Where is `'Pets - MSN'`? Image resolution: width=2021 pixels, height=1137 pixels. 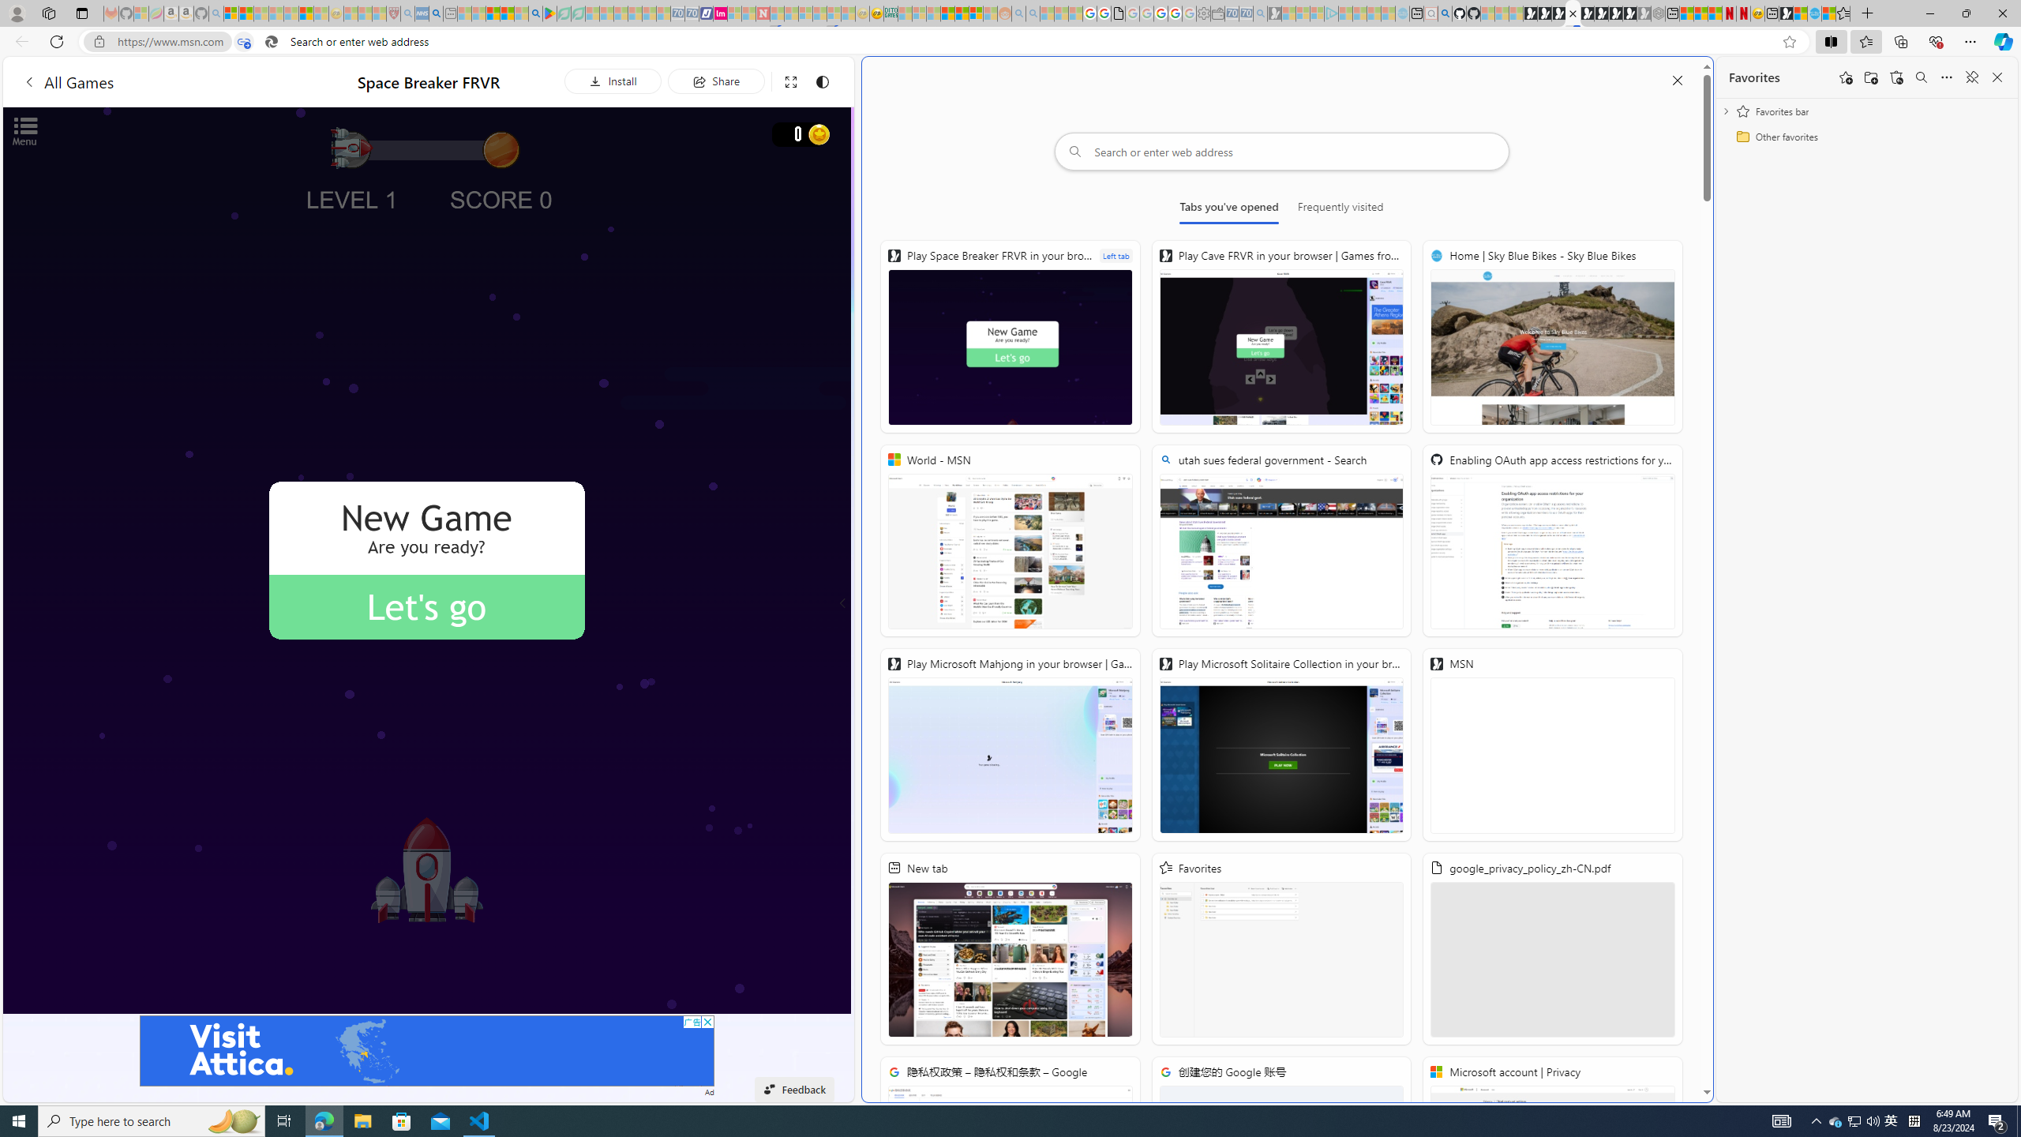
'Pets - MSN' is located at coordinates (506, 13).